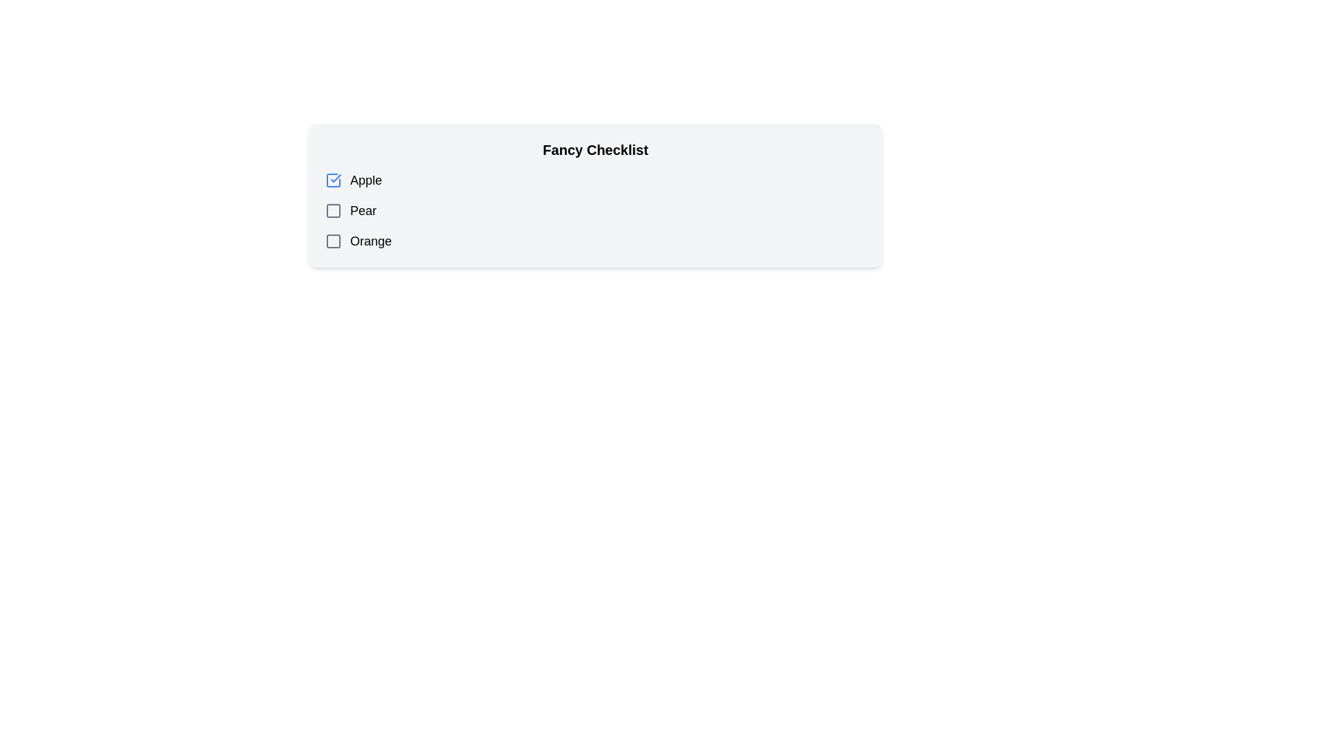  Describe the element at coordinates (333, 240) in the screenshot. I see `the small square SVG rectangle element representing a checklist item next to the text 'Orange'` at that location.